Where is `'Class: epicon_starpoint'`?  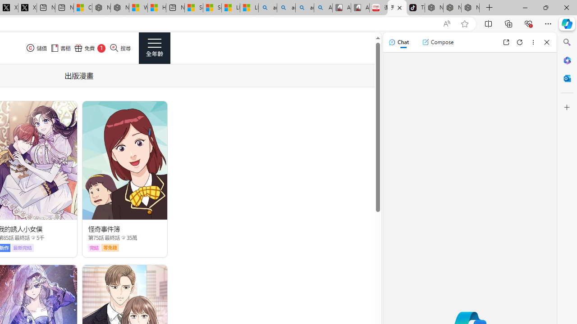 'Class: epicon_starpoint' is located at coordinates (123, 237).